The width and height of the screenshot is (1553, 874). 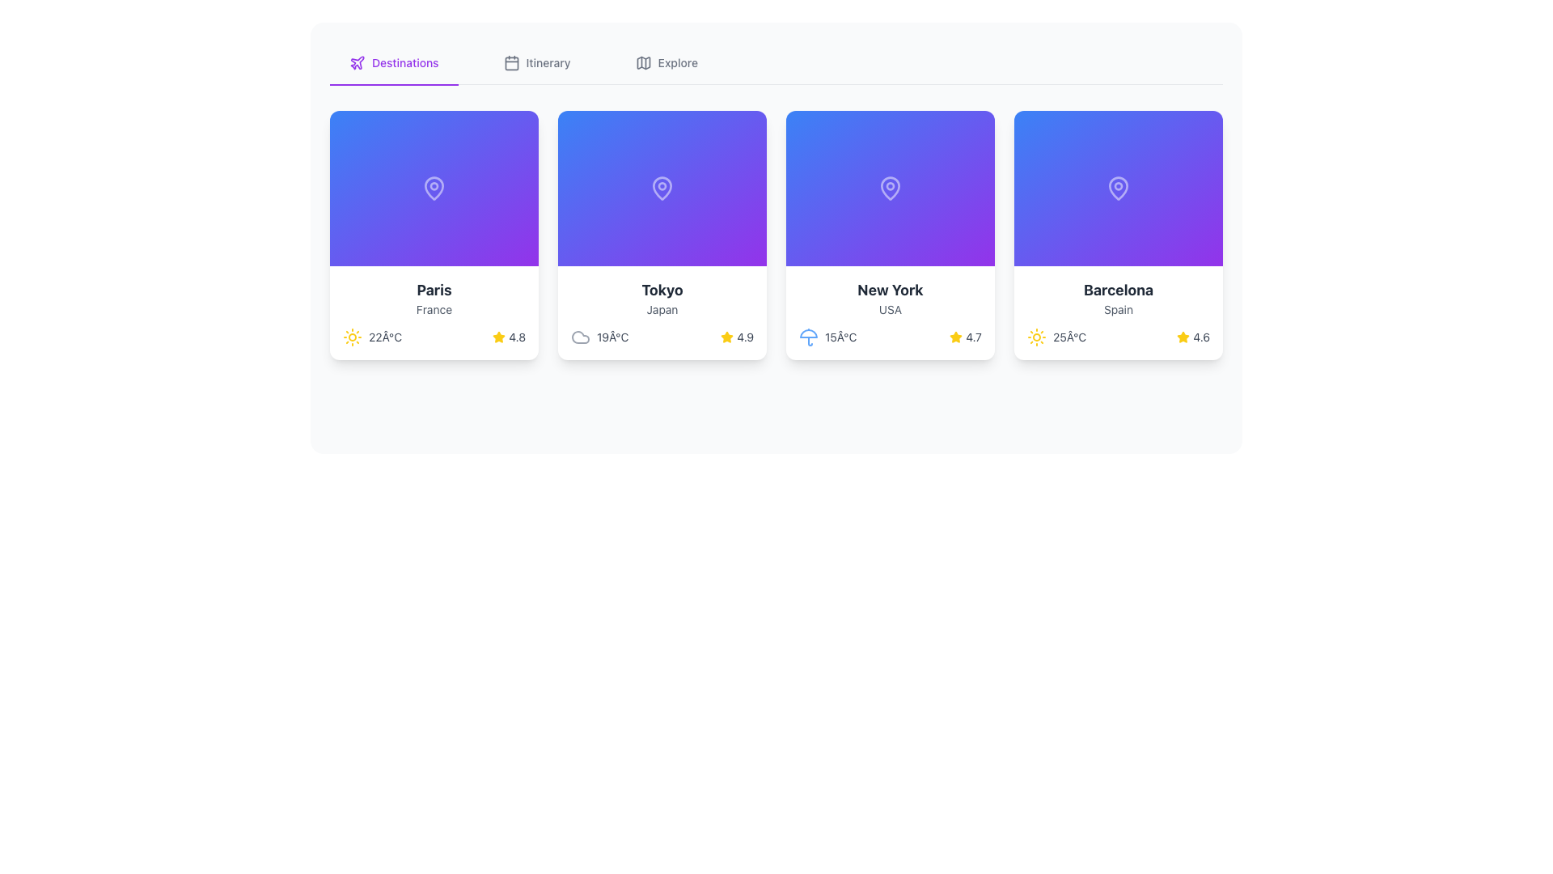 What do you see at coordinates (434, 187) in the screenshot?
I see `attention on the map pin icon` at bounding box center [434, 187].